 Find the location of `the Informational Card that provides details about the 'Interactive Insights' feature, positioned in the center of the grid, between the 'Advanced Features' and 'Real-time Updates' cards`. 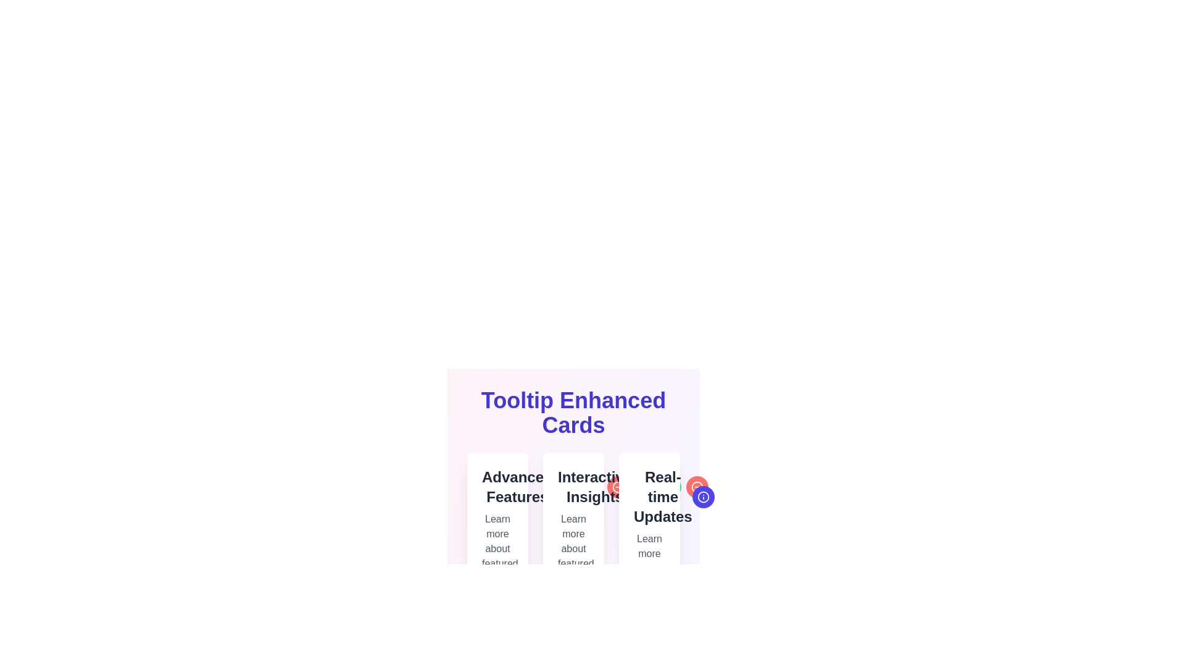

the Informational Card that provides details about the 'Interactive Insights' feature, positioned in the center of the grid, between the 'Advanced Features' and 'Real-time Updates' cards is located at coordinates (573, 535).